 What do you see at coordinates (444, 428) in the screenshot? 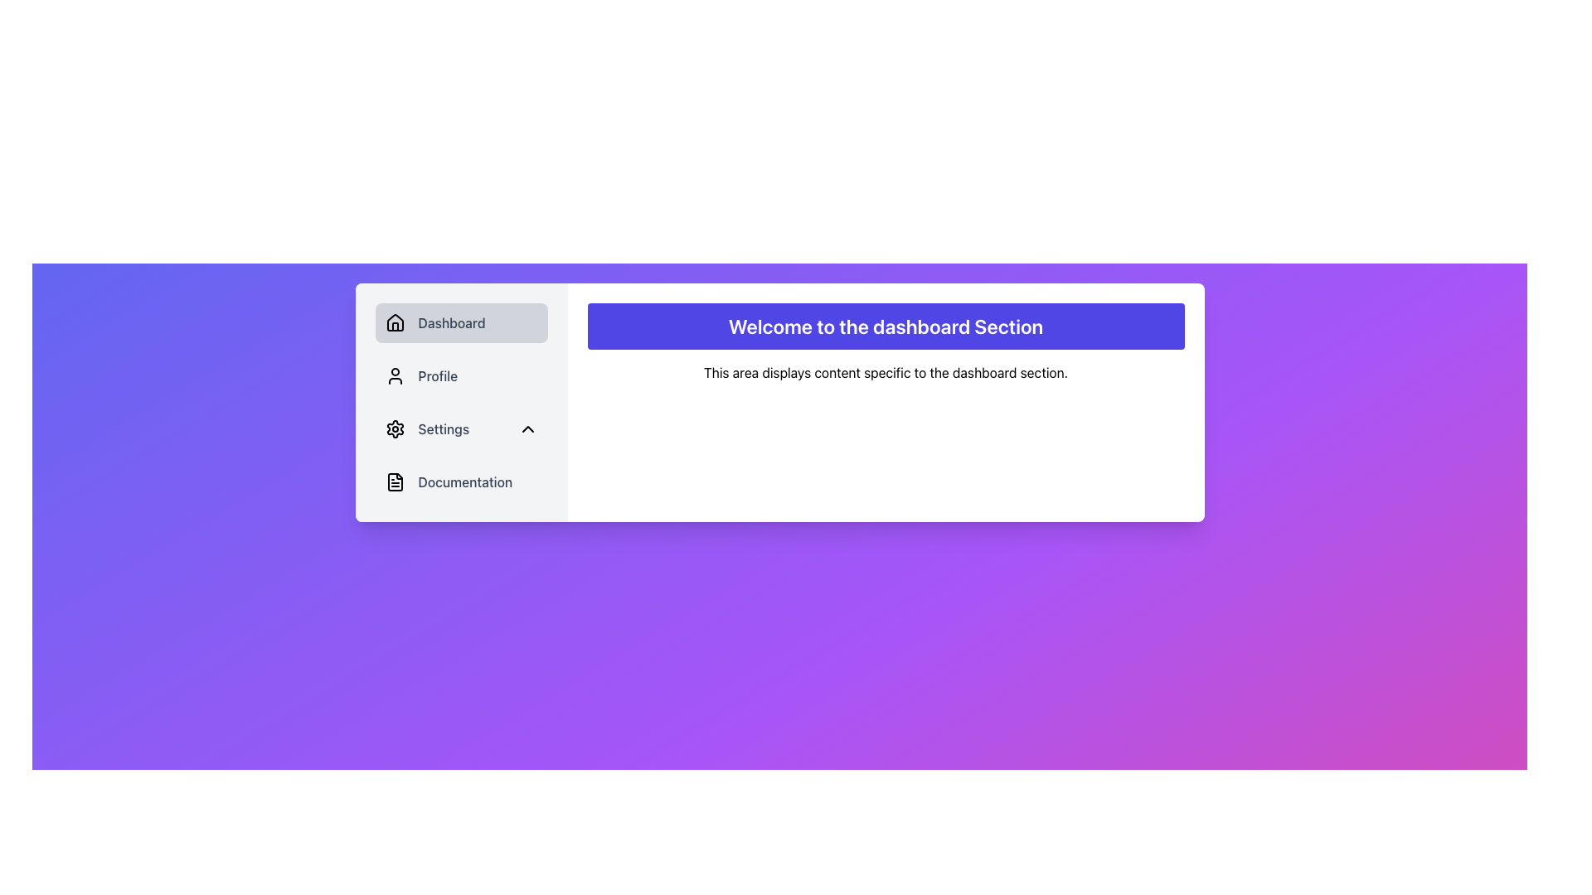
I see `text of the 'Settings' label located in the sidebar menu, which is the third visible label next to the gear icon` at bounding box center [444, 428].